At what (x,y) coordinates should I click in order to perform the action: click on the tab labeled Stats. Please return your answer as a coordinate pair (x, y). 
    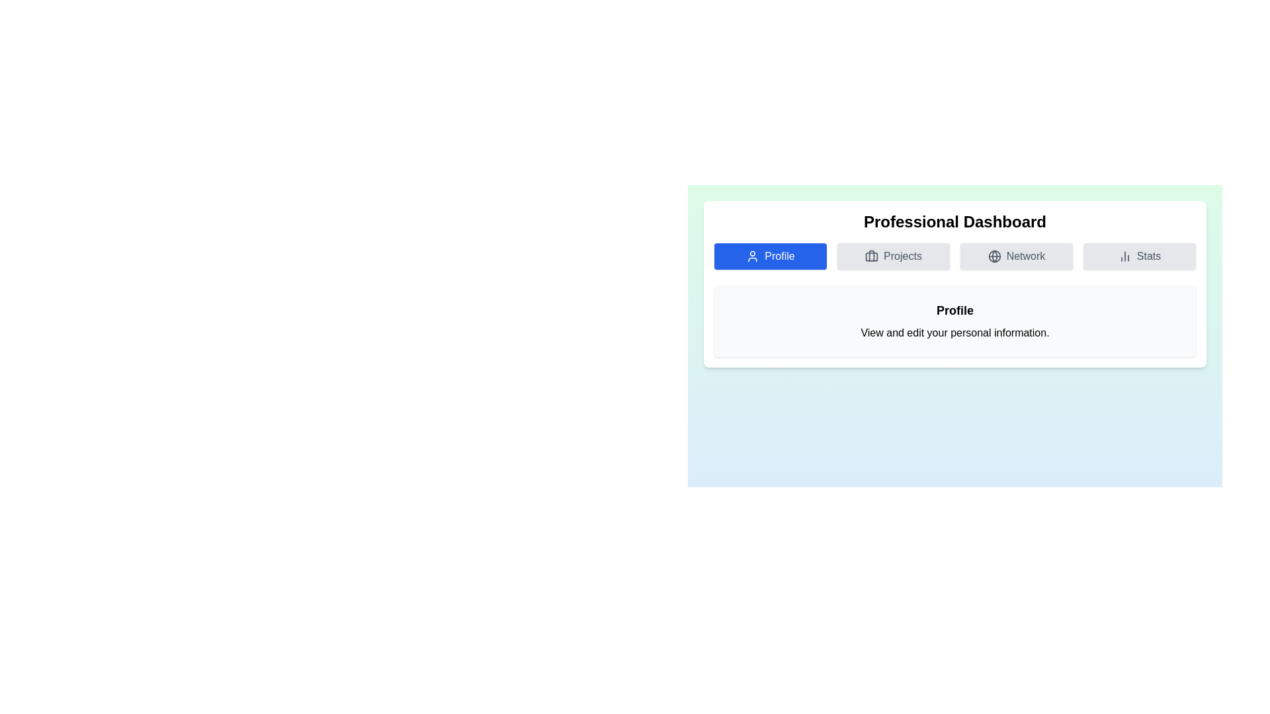
    Looking at the image, I should click on (1139, 257).